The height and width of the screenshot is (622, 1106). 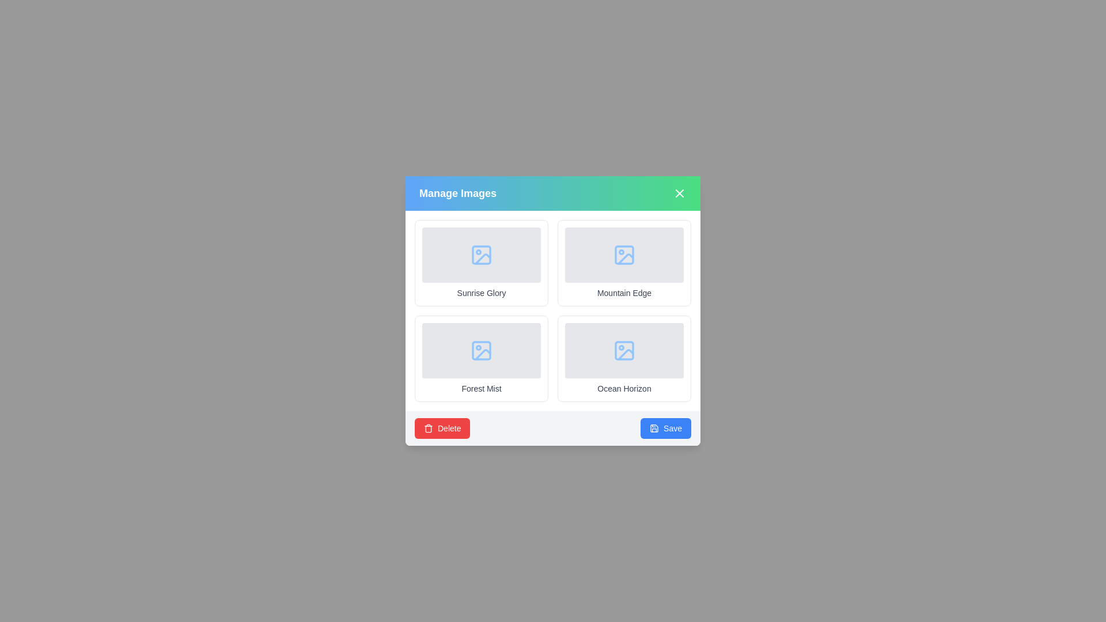 What do you see at coordinates (624, 350) in the screenshot?
I see `the top-left portion of the 'Ocean Horizon' icon that represents an image symbol, located in the 'Manage Images' section` at bounding box center [624, 350].